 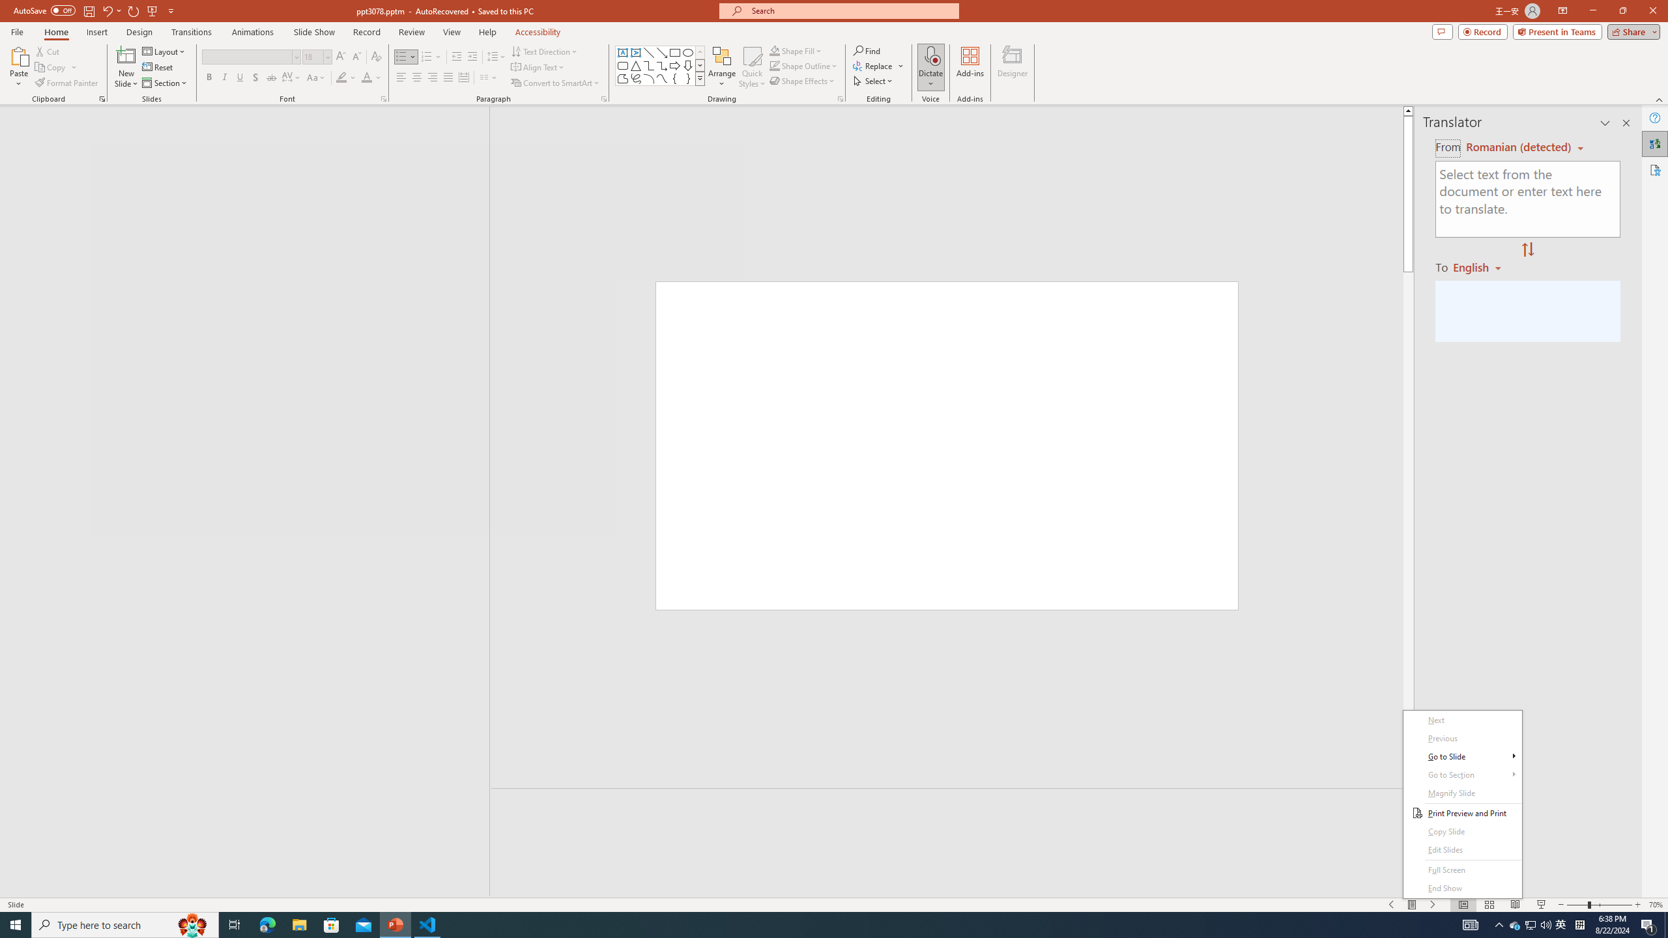 I want to click on 'Copy Slide', so click(x=1463, y=831).